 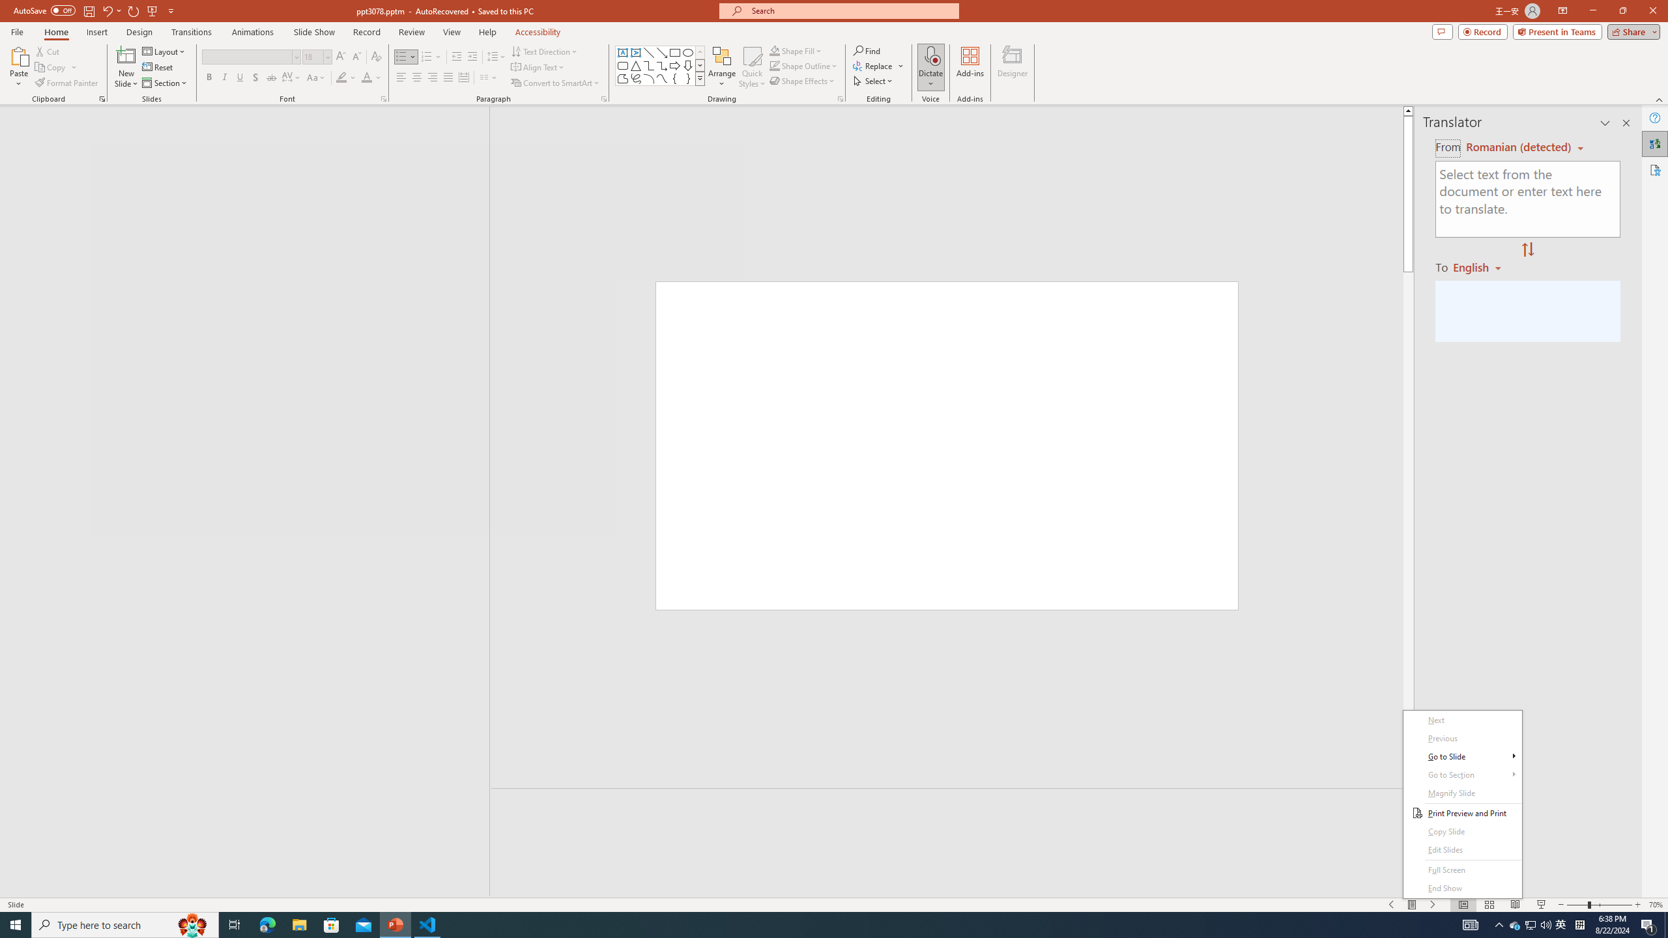 I want to click on 'Copy Slide', so click(x=1463, y=831).